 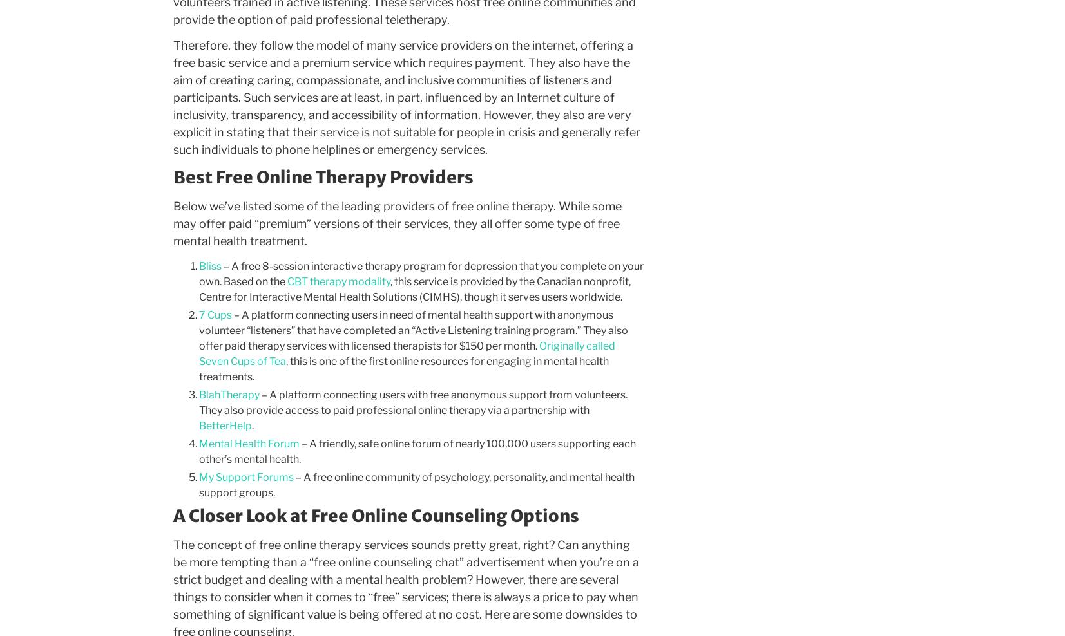 What do you see at coordinates (247, 443) in the screenshot?
I see `'Mental Health Forum'` at bounding box center [247, 443].